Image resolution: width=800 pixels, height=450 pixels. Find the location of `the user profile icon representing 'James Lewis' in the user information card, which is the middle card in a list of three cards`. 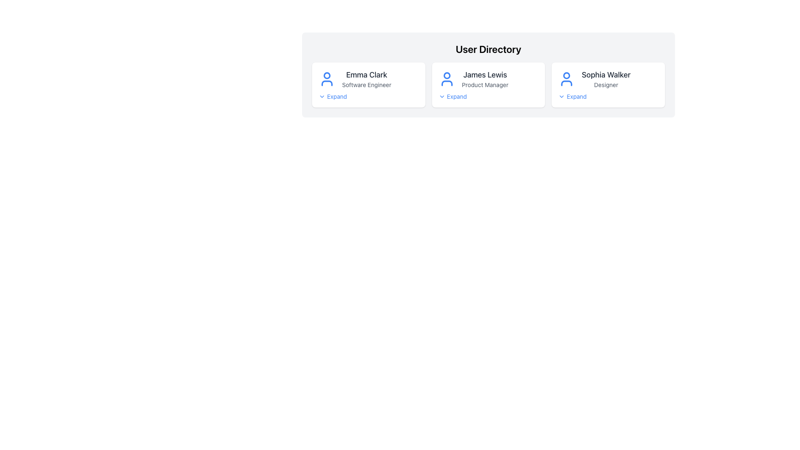

the user profile icon representing 'James Lewis' in the user information card, which is the middle card in a list of three cards is located at coordinates (446, 79).